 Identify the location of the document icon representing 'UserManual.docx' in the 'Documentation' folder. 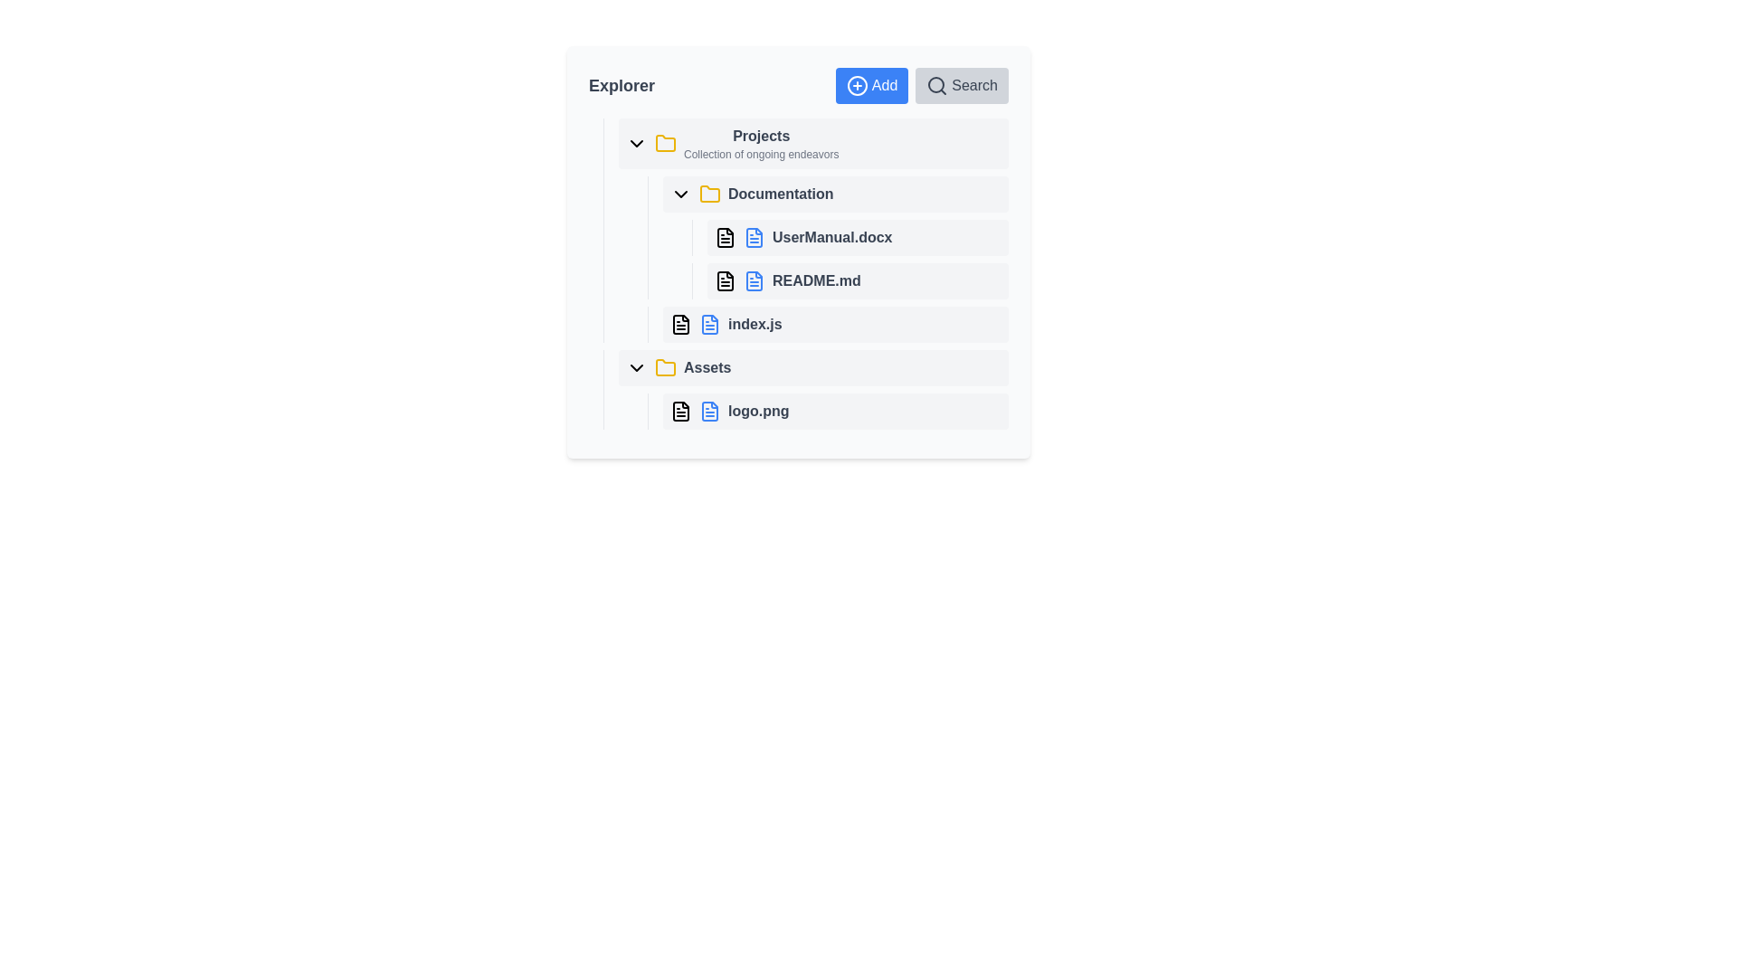
(725, 236).